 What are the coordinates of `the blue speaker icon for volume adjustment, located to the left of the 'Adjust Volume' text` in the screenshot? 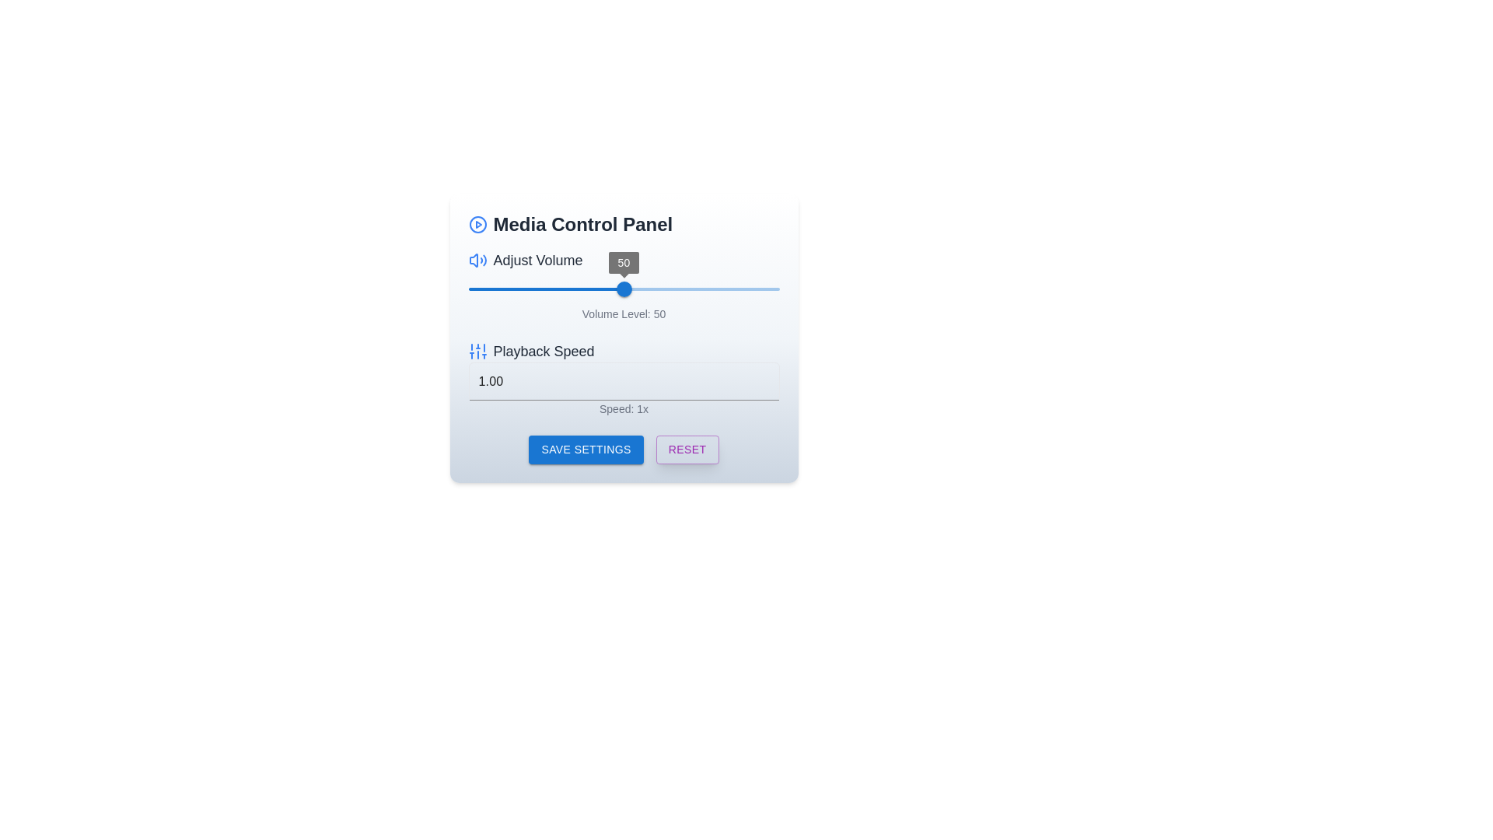 It's located at (477, 260).